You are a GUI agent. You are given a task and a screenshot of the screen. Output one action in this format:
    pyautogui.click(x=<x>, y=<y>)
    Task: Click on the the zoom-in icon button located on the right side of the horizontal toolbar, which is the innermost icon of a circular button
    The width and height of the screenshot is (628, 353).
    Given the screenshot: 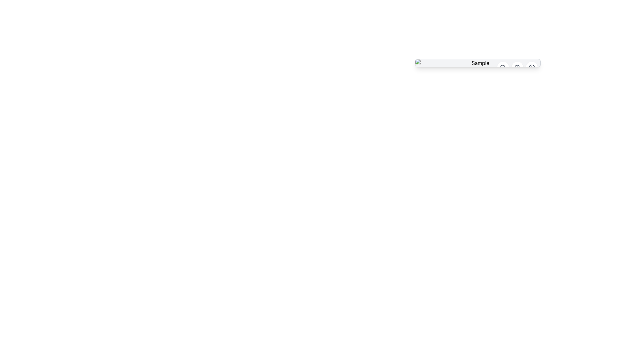 What is the action you would take?
    pyautogui.click(x=517, y=68)
    